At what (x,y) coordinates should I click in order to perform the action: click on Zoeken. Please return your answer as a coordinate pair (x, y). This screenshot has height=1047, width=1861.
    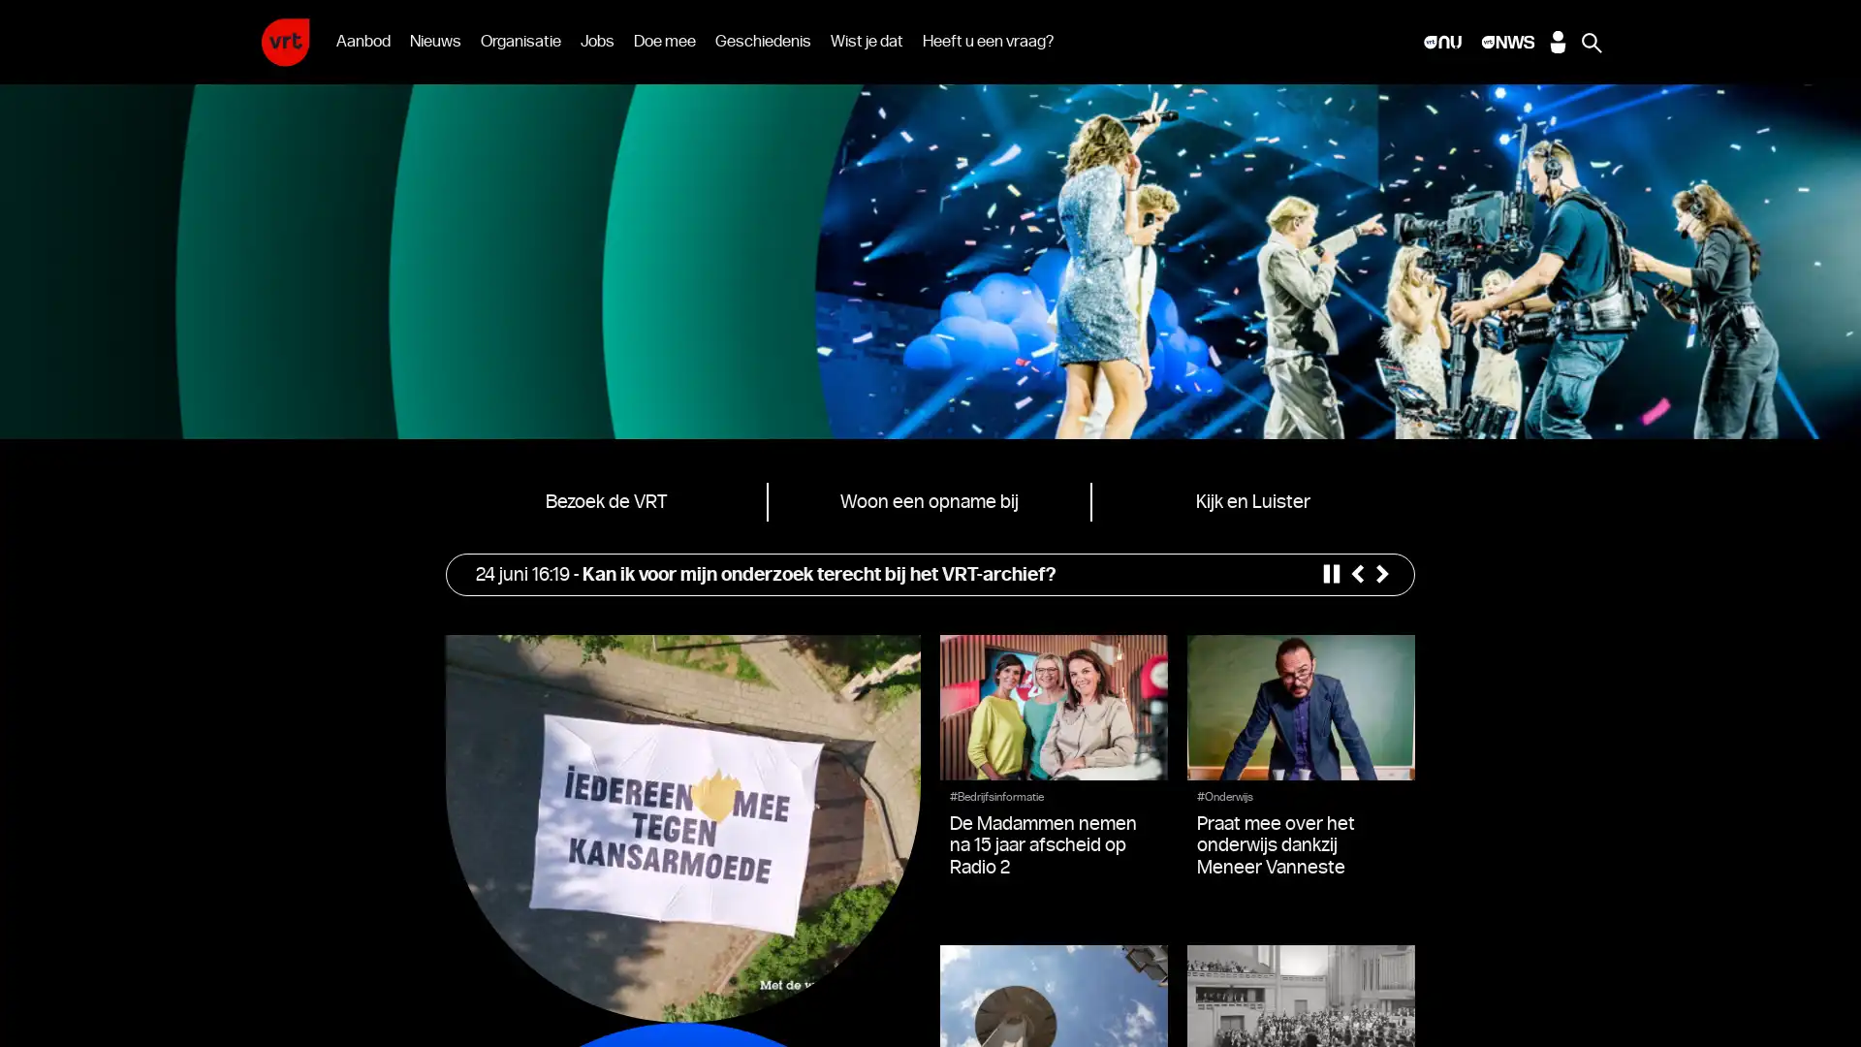
    Looking at the image, I should click on (1592, 41).